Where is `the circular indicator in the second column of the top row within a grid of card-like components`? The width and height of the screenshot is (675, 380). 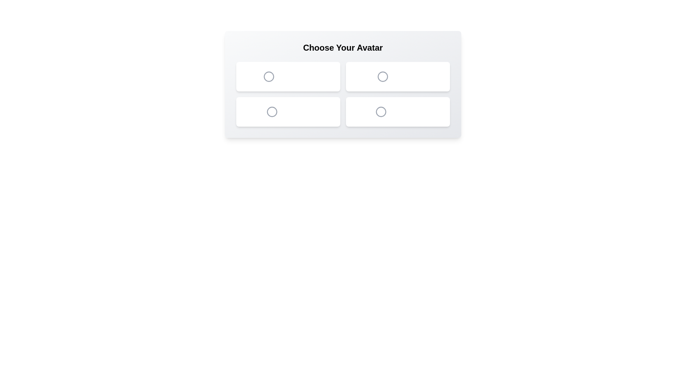
the circular indicator in the second column of the top row within a grid of card-like components is located at coordinates (382, 77).